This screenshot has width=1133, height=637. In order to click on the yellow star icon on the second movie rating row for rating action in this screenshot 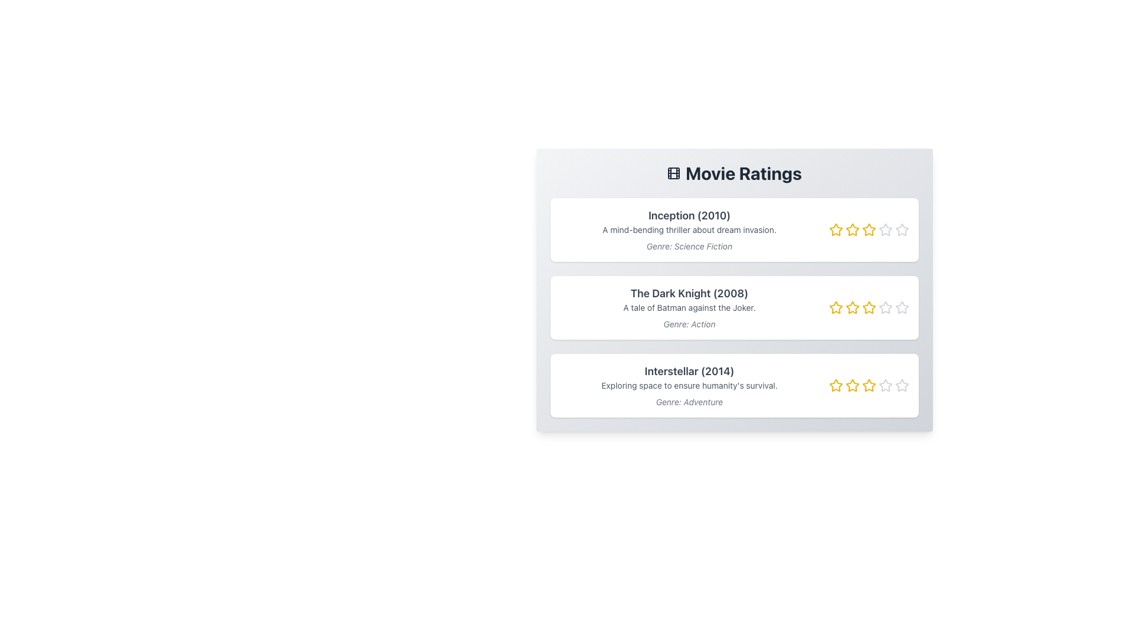, I will do `click(835, 307)`.